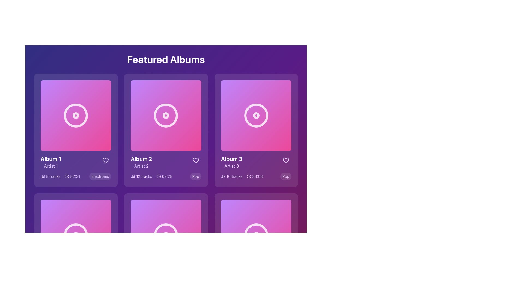 Image resolution: width=524 pixels, height=295 pixels. What do you see at coordinates (285, 160) in the screenshot?
I see `the heart-shaped icon outlined in light purple associated with 'Album 3' and 'Artist 3' located at the top-right corner of their respective card to trigger visual feedback` at bounding box center [285, 160].